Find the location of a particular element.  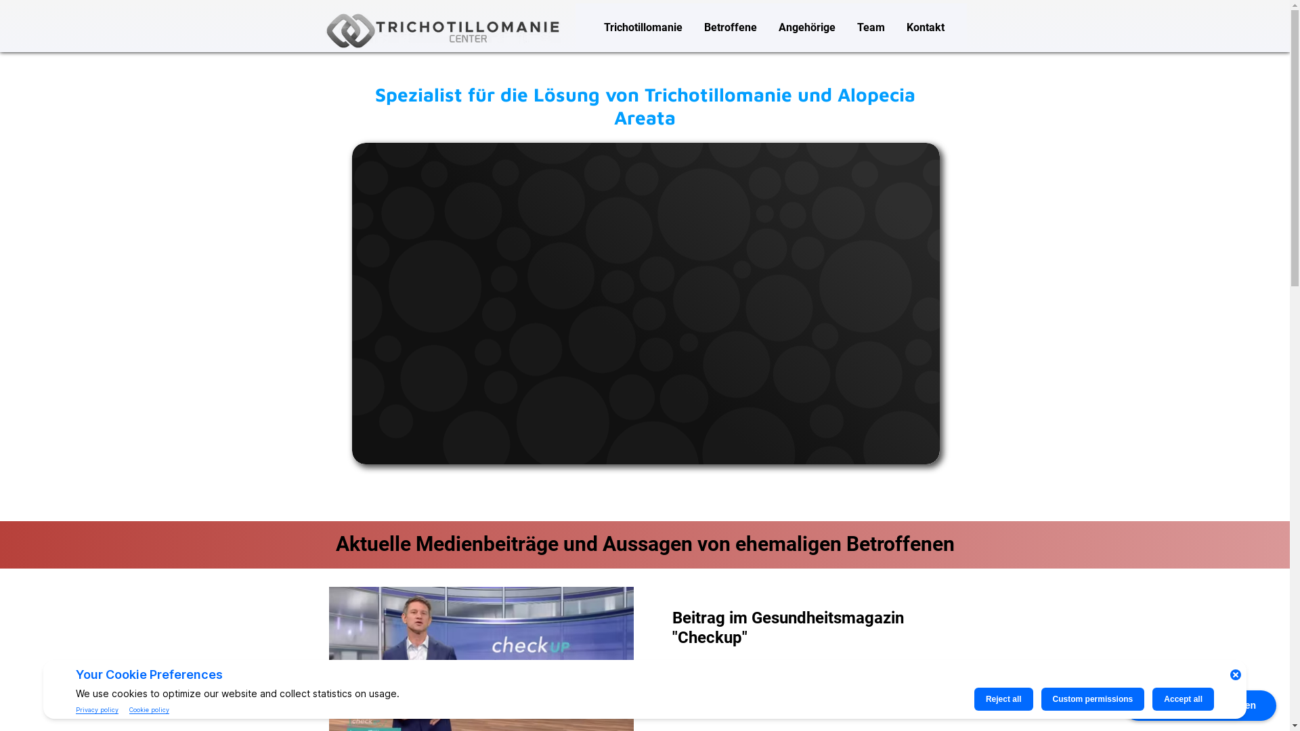

'Betroffene' is located at coordinates (730, 27).